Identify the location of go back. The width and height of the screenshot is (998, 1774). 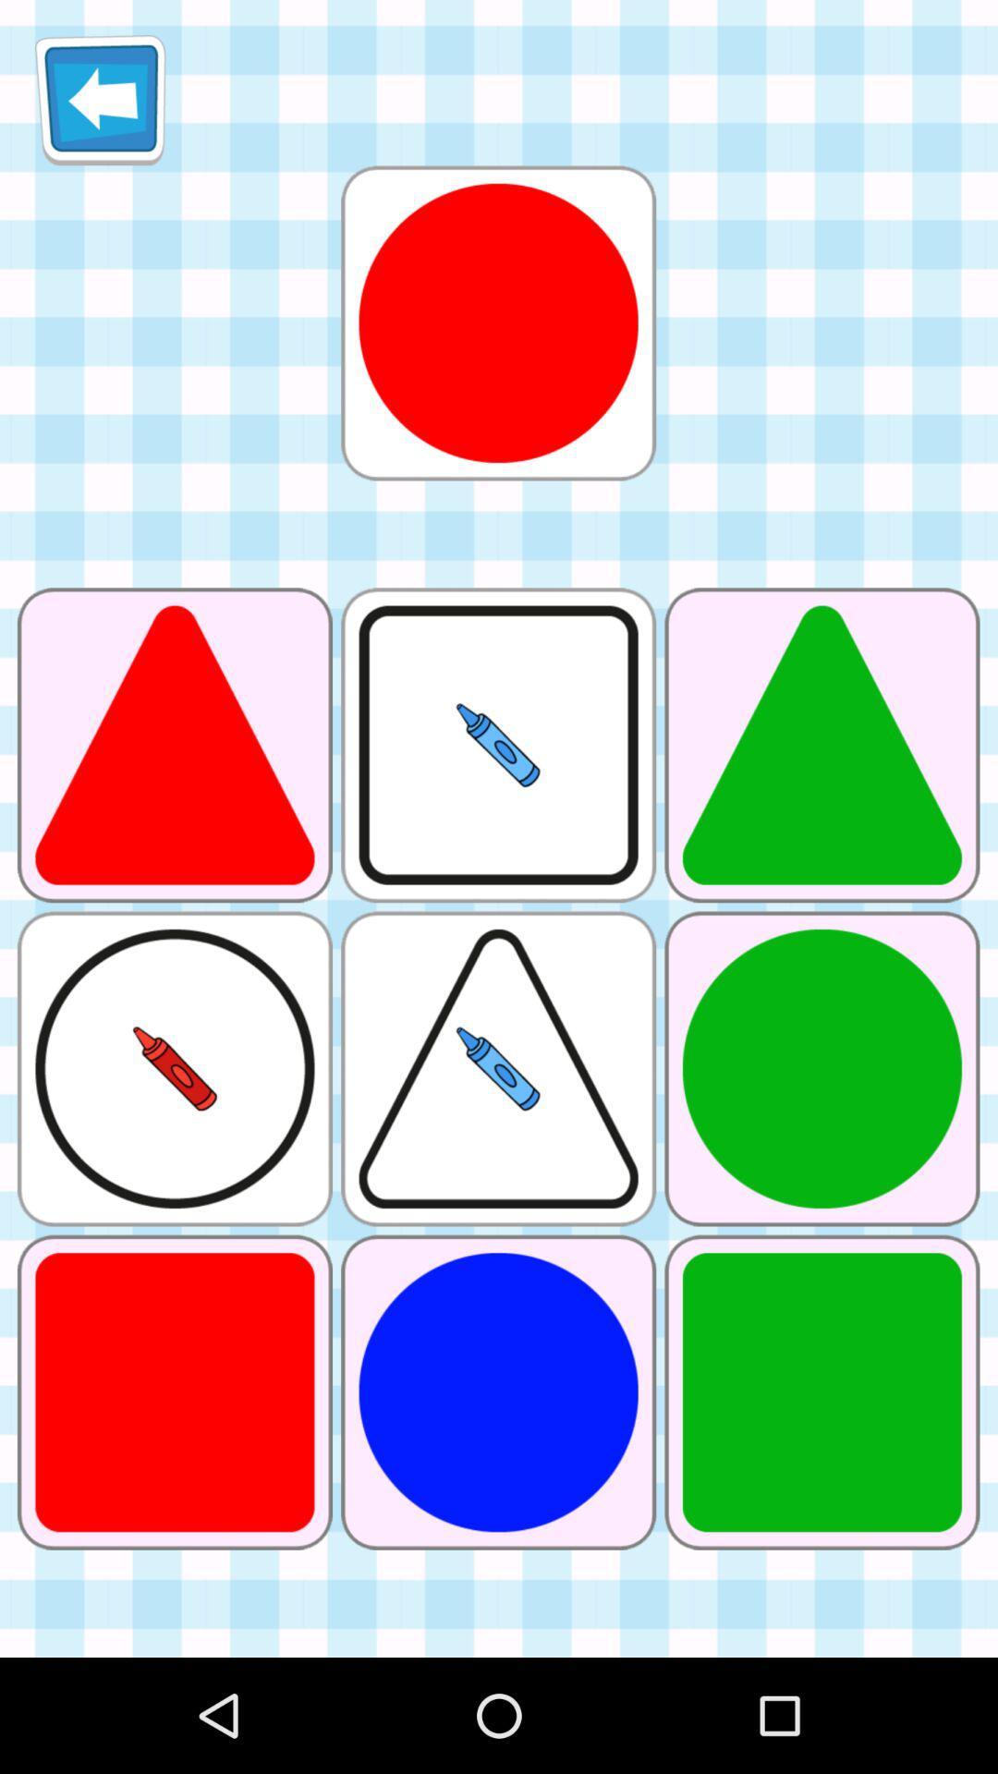
(100, 99).